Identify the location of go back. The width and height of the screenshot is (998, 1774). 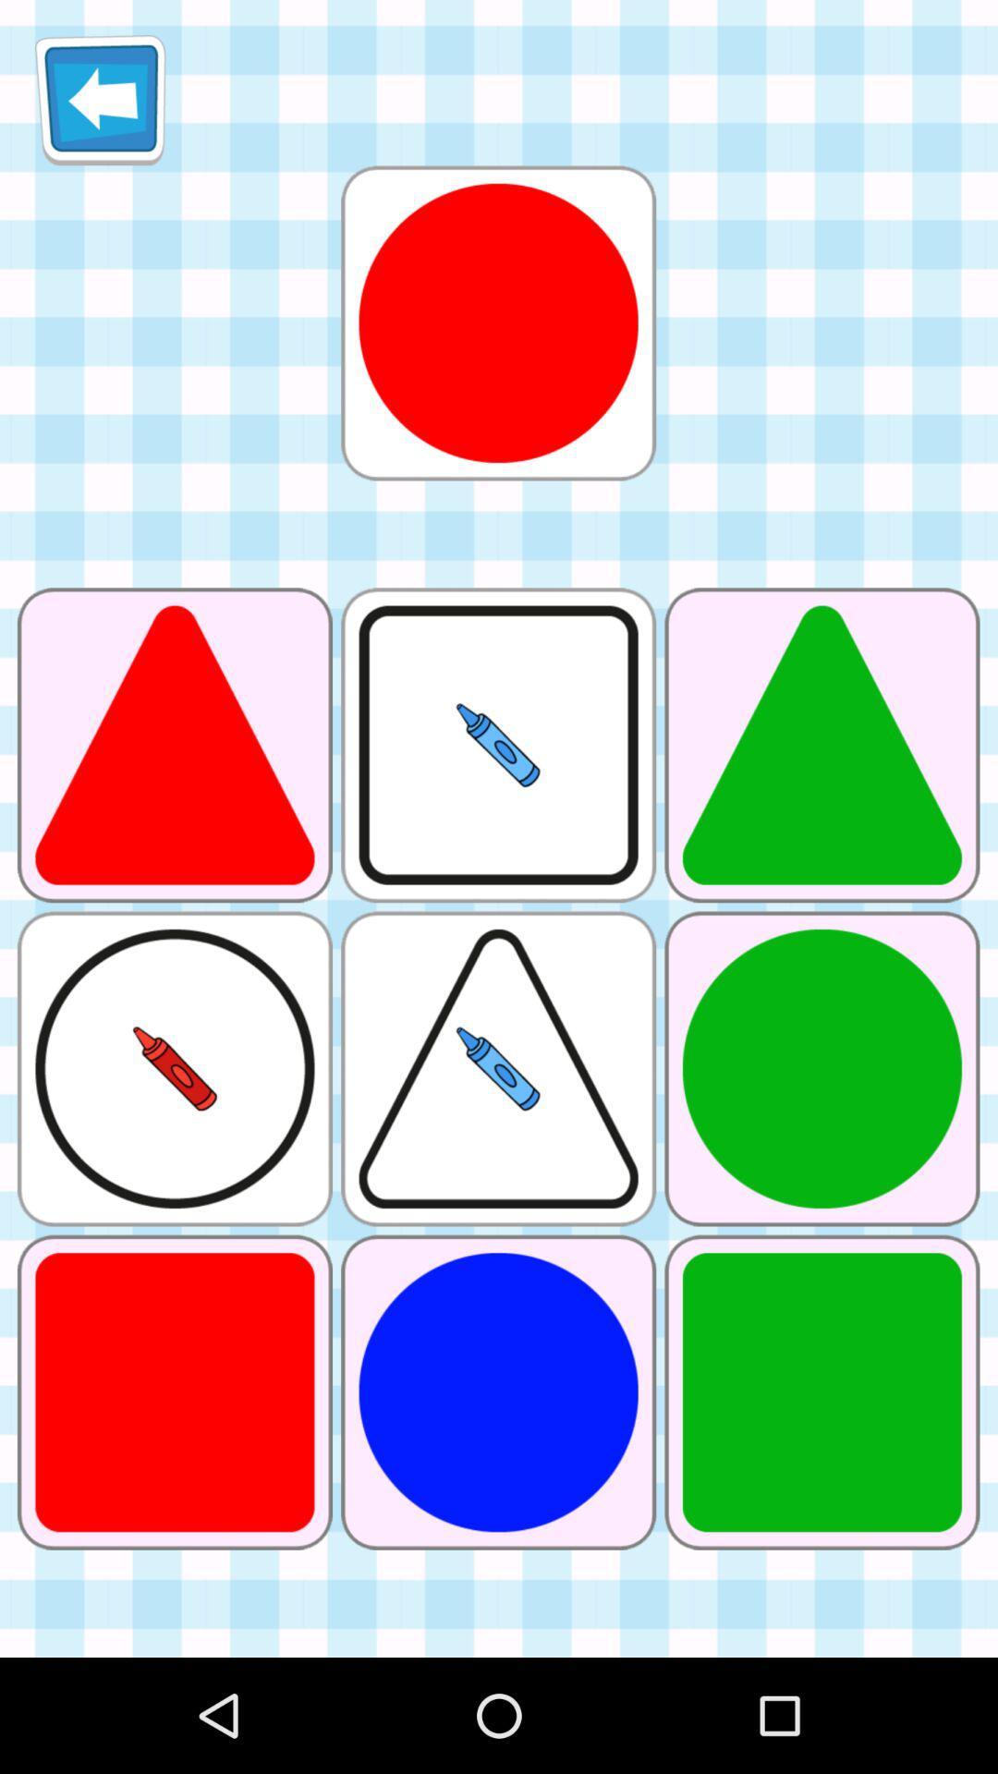
(100, 99).